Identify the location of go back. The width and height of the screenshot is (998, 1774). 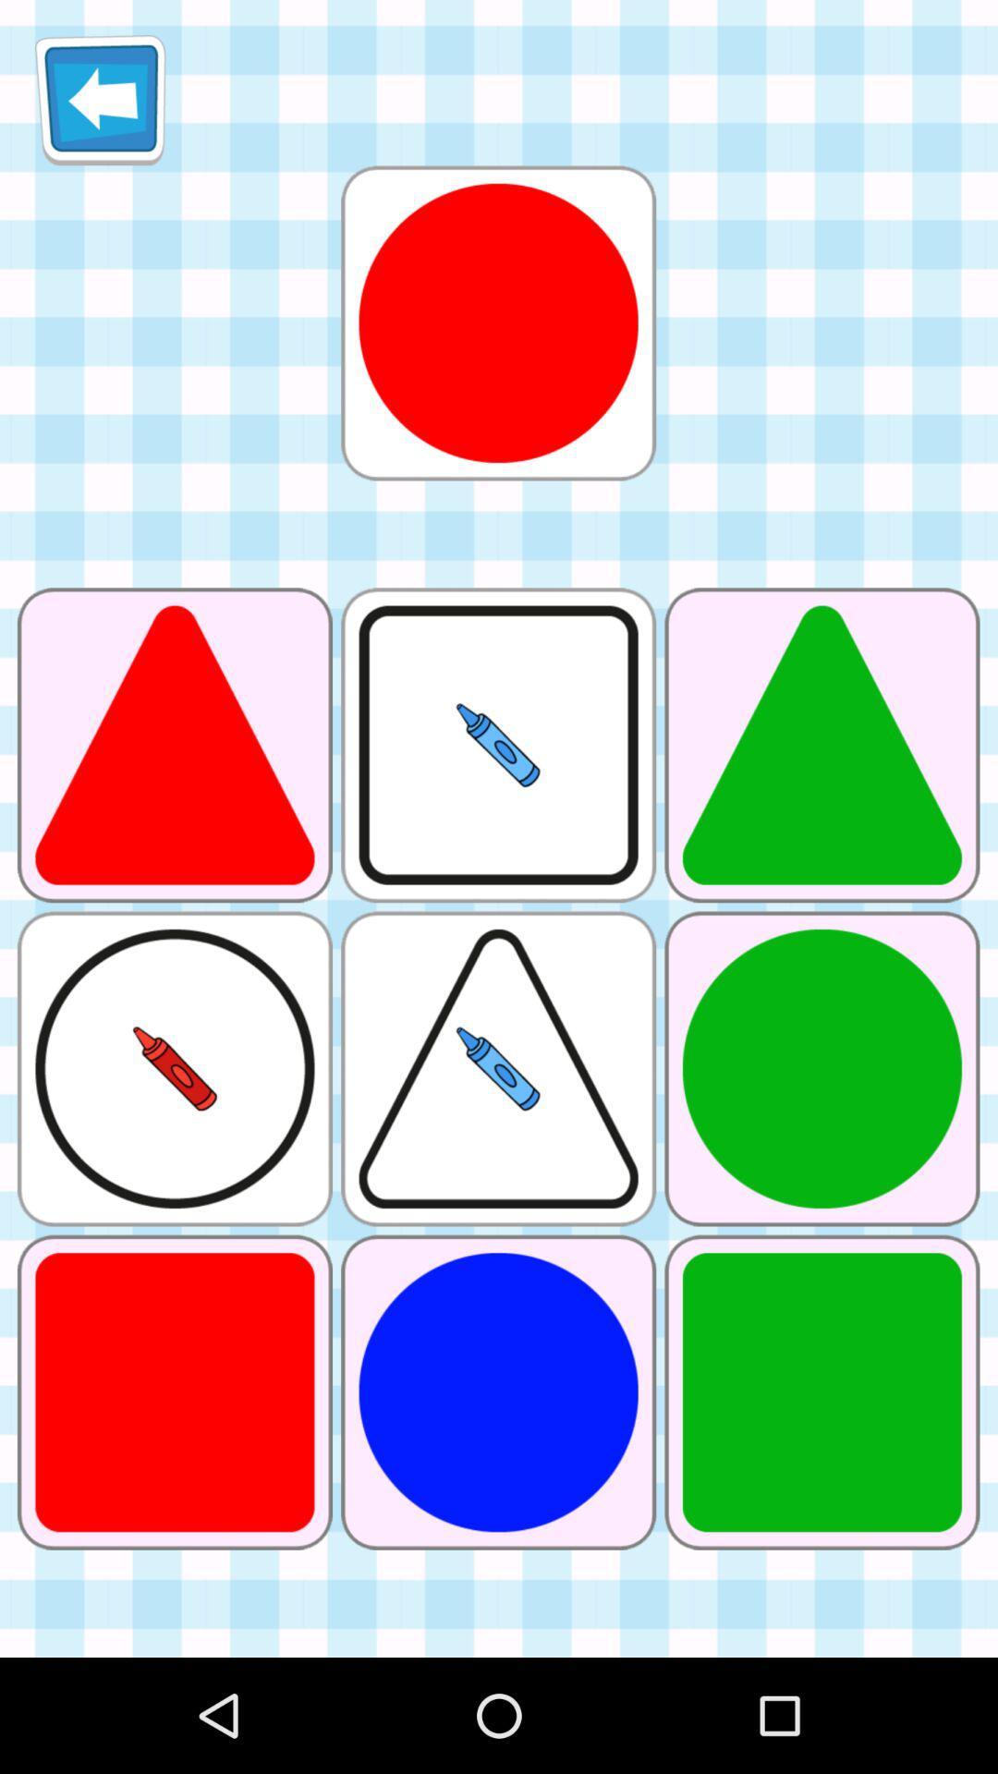
(100, 99).